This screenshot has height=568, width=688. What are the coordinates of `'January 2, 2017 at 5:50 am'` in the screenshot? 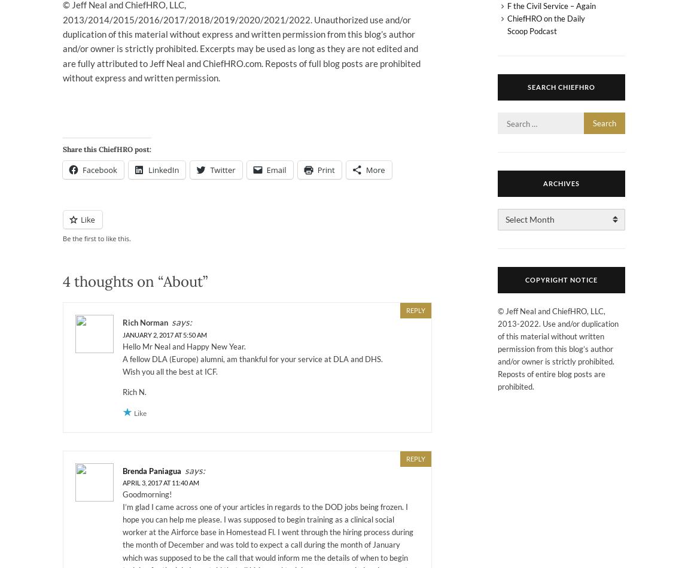 It's located at (164, 333).